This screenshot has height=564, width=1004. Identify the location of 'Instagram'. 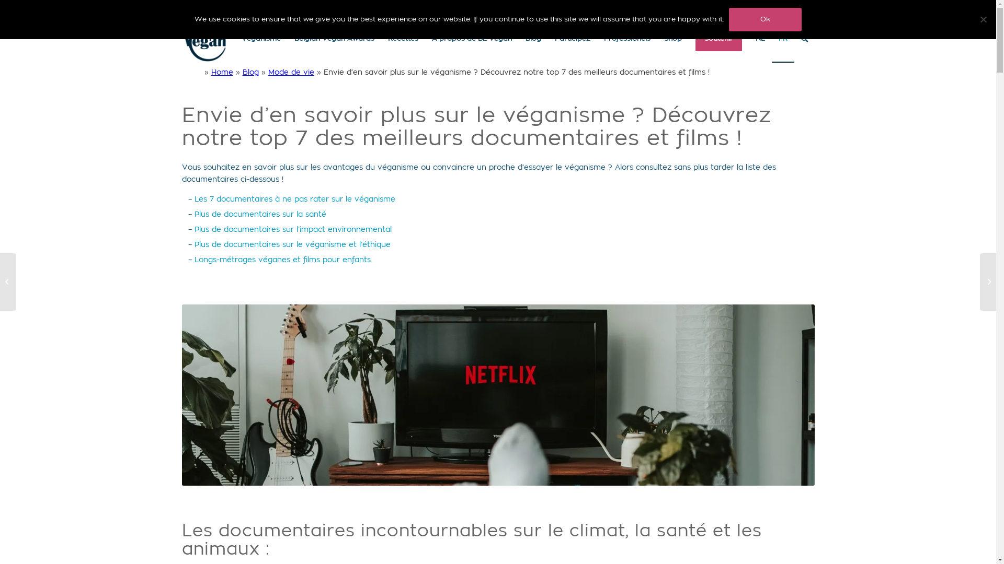
(806, 8).